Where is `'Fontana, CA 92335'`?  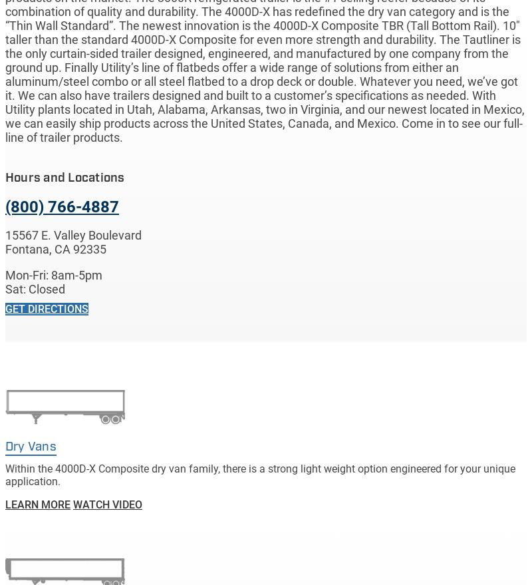
'Fontana, CA 92335' is located at coordinates (56, 249).